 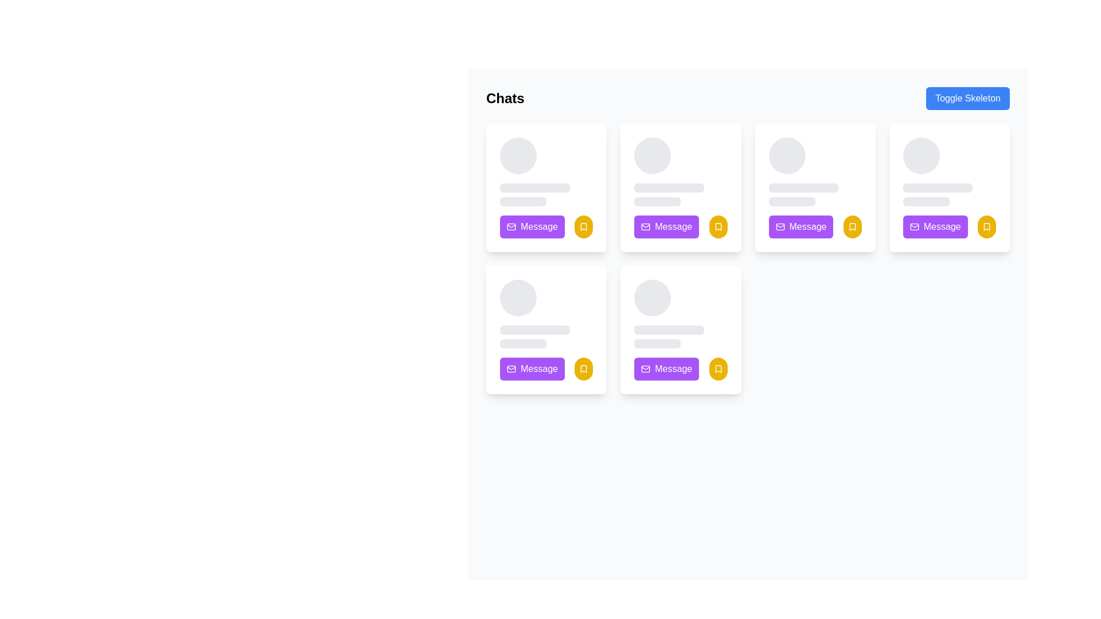 What do you see at coordinates (717, 227) in the screenshot?
I see `the bookmark icon within the circular yellow button located at the bottom-right corner of the second card in the top row for keyboard navigation` at bounding box center [717, 227].